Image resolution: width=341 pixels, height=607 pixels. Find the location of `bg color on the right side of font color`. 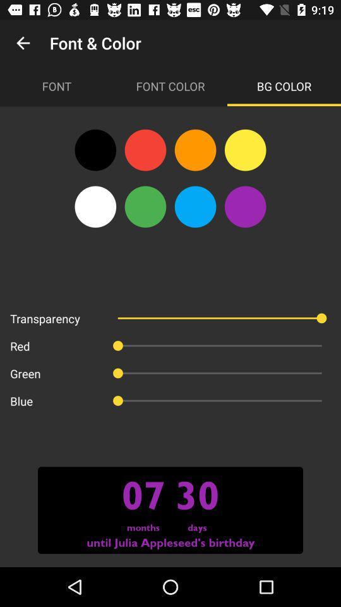

bg color on the right side of font color is located at coordinates (284, 85).